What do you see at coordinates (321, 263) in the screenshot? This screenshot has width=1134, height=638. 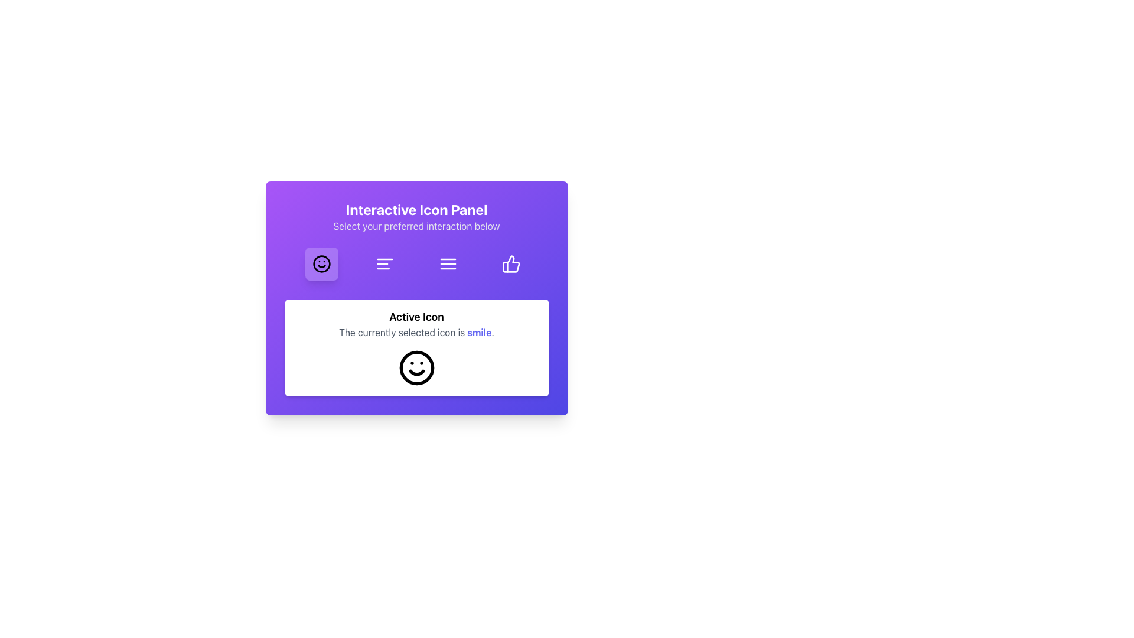 I see `the leftmost button in the Interactive Icon Panel` at bounding box center [321, 263].